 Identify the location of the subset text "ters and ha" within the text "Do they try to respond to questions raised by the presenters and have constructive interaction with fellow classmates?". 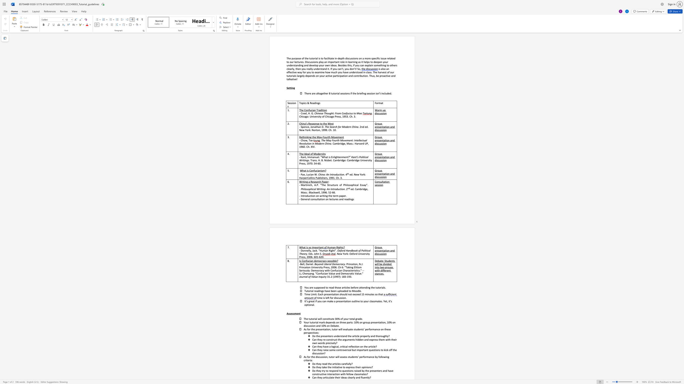
(377, 371).